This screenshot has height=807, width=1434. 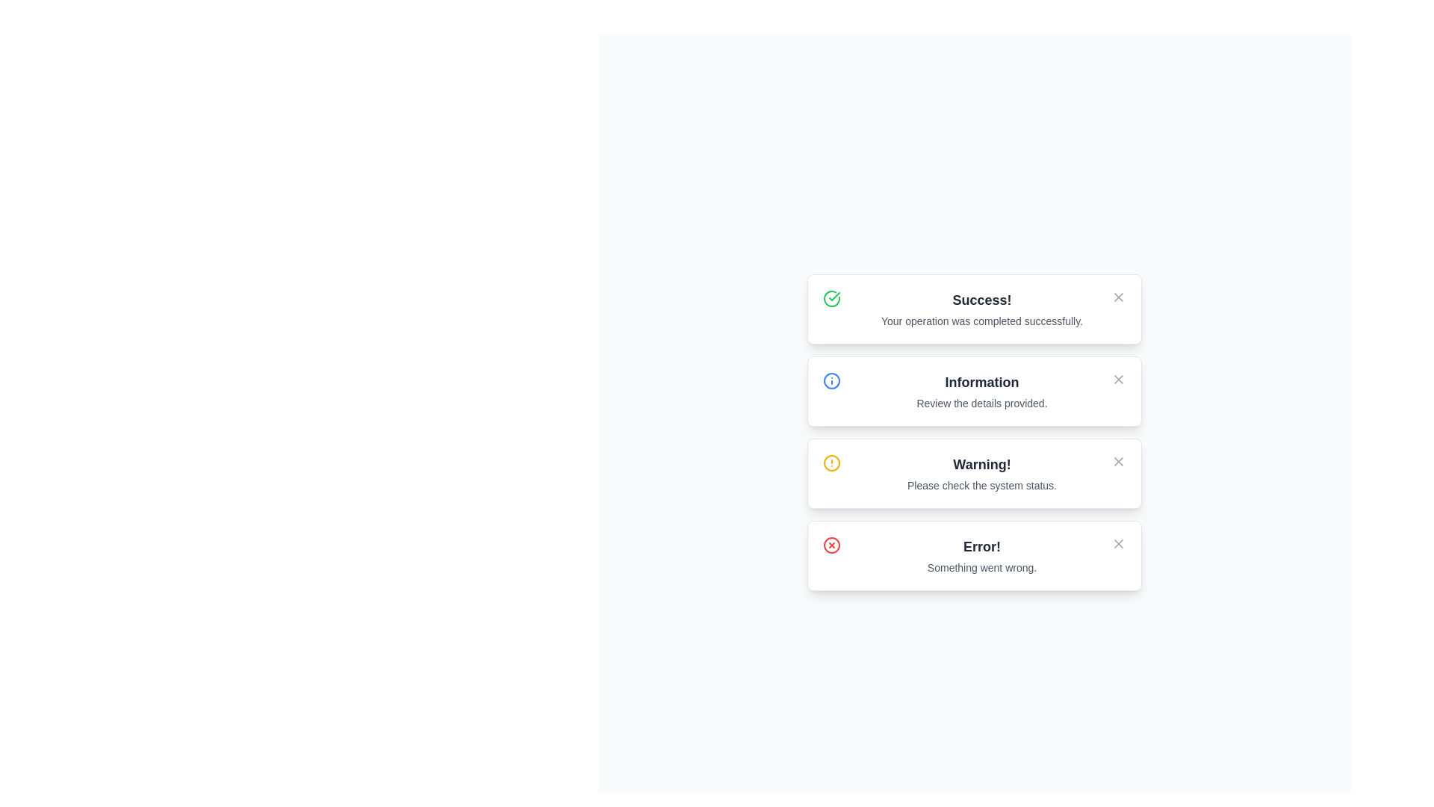 What do you see at coordinates (982, 391) in the screenshot?
I see `the Textual display element titled 'Information' which includes the subtitle 'Review the details provided.'` at bounding box center [982, 391].